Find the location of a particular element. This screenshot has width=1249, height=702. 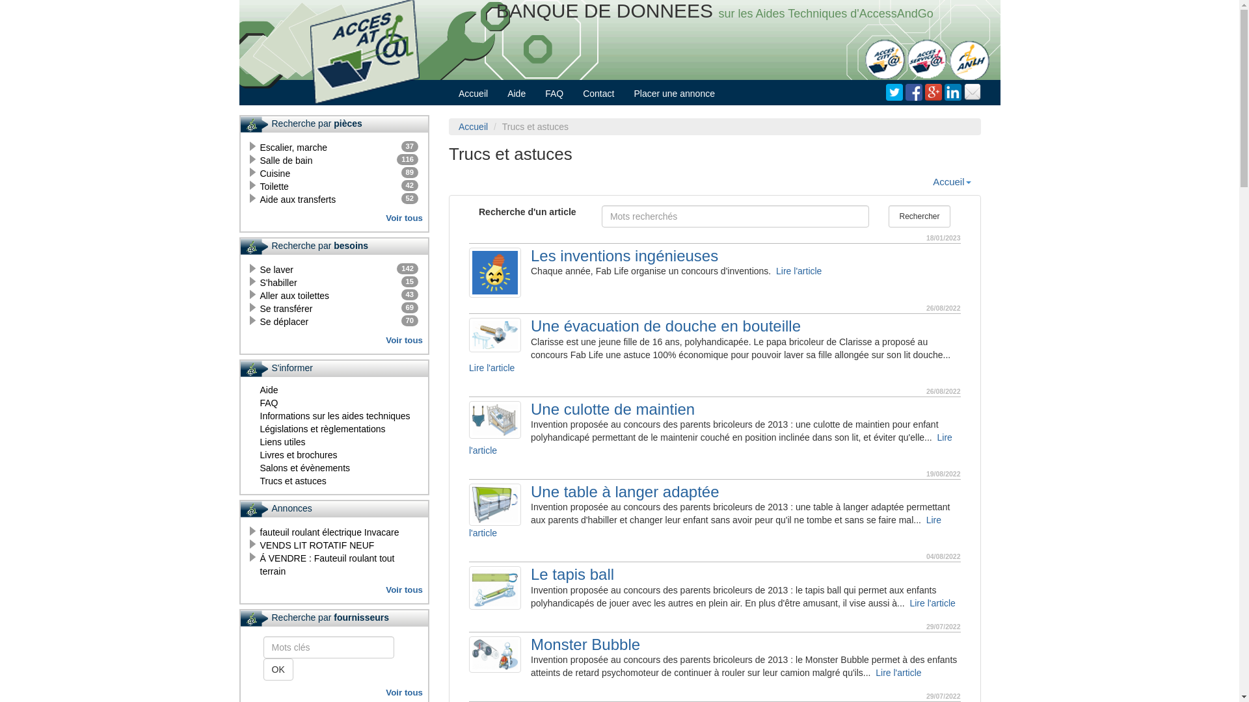

'15 is located at coordinates (278, 282).